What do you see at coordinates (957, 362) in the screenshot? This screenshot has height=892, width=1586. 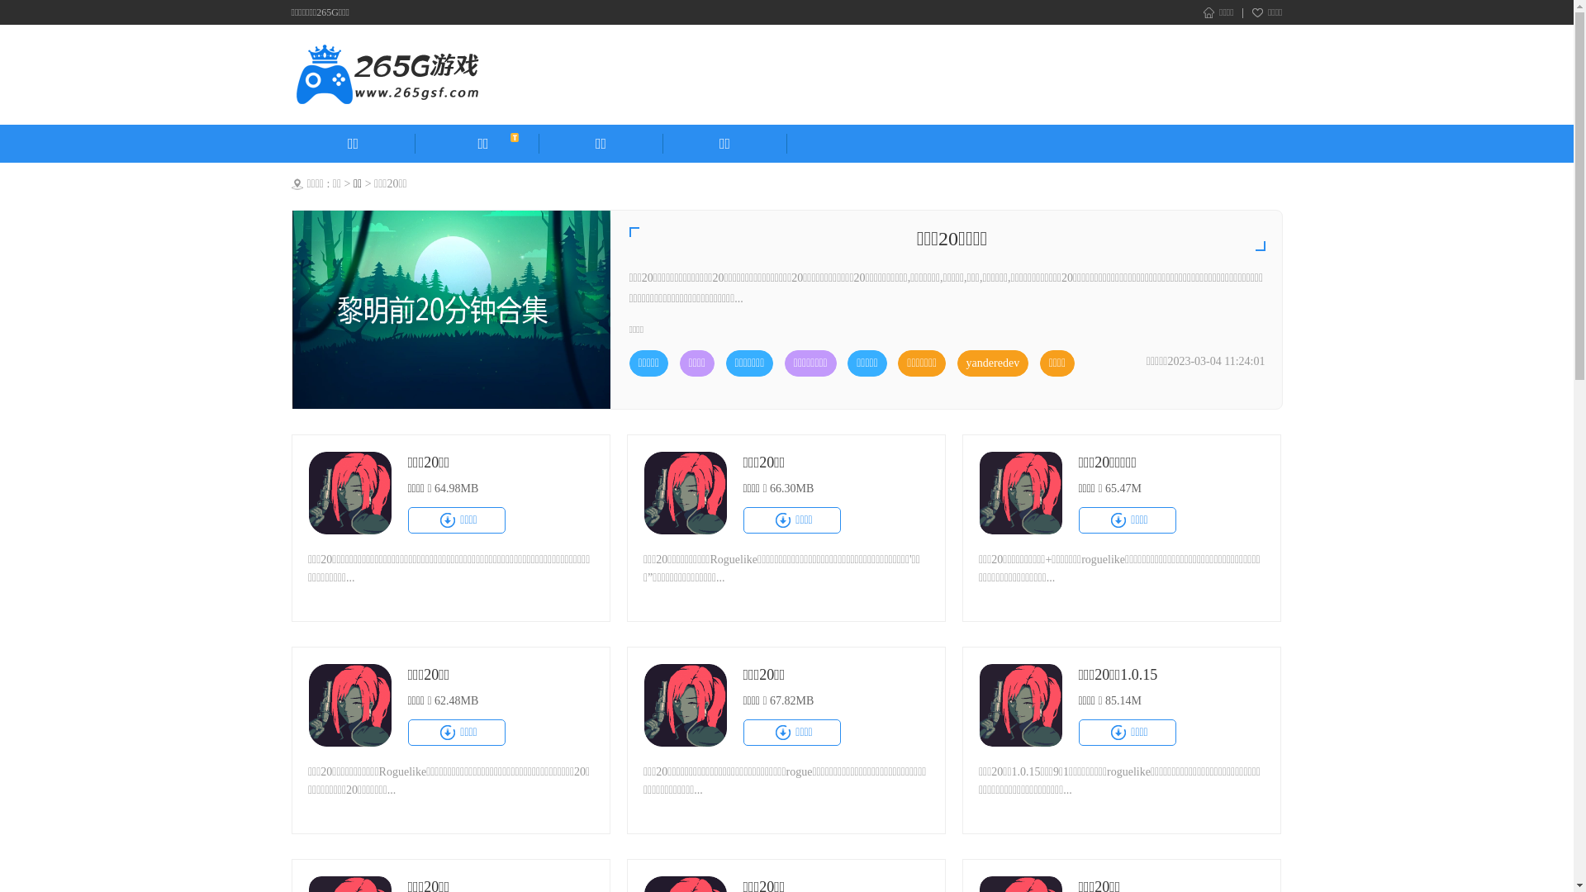 I see `'yanderedev'` at bounding box center [957, 362].